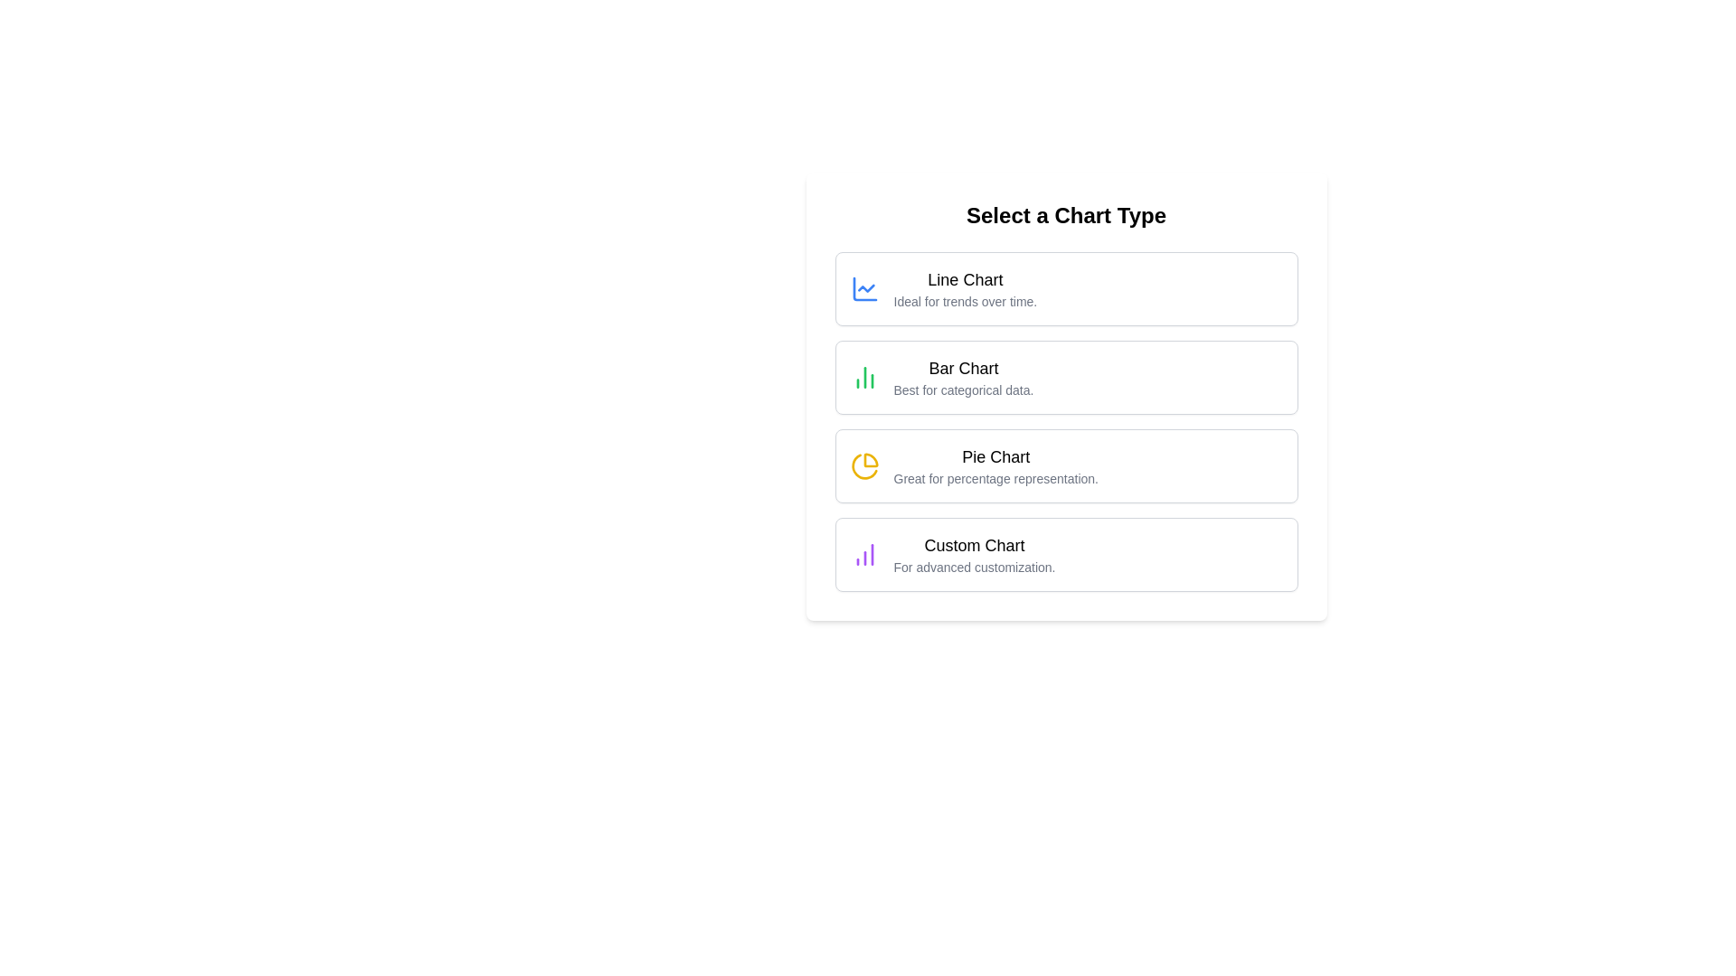 This screenshot has width=1736, height=976. Describe the element at coordinates (962, 389) in the screenshot. I see `the text label that says 'Best for categorical data.' located beneath the 'Bar Chart' heading in the card-like layout` at that location.